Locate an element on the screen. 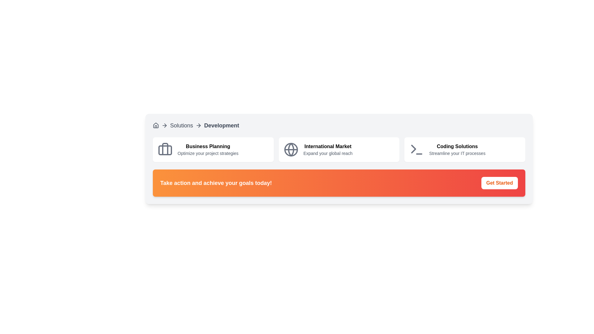  the text element that reads 'International Market' is located at coordinates (328, 149).